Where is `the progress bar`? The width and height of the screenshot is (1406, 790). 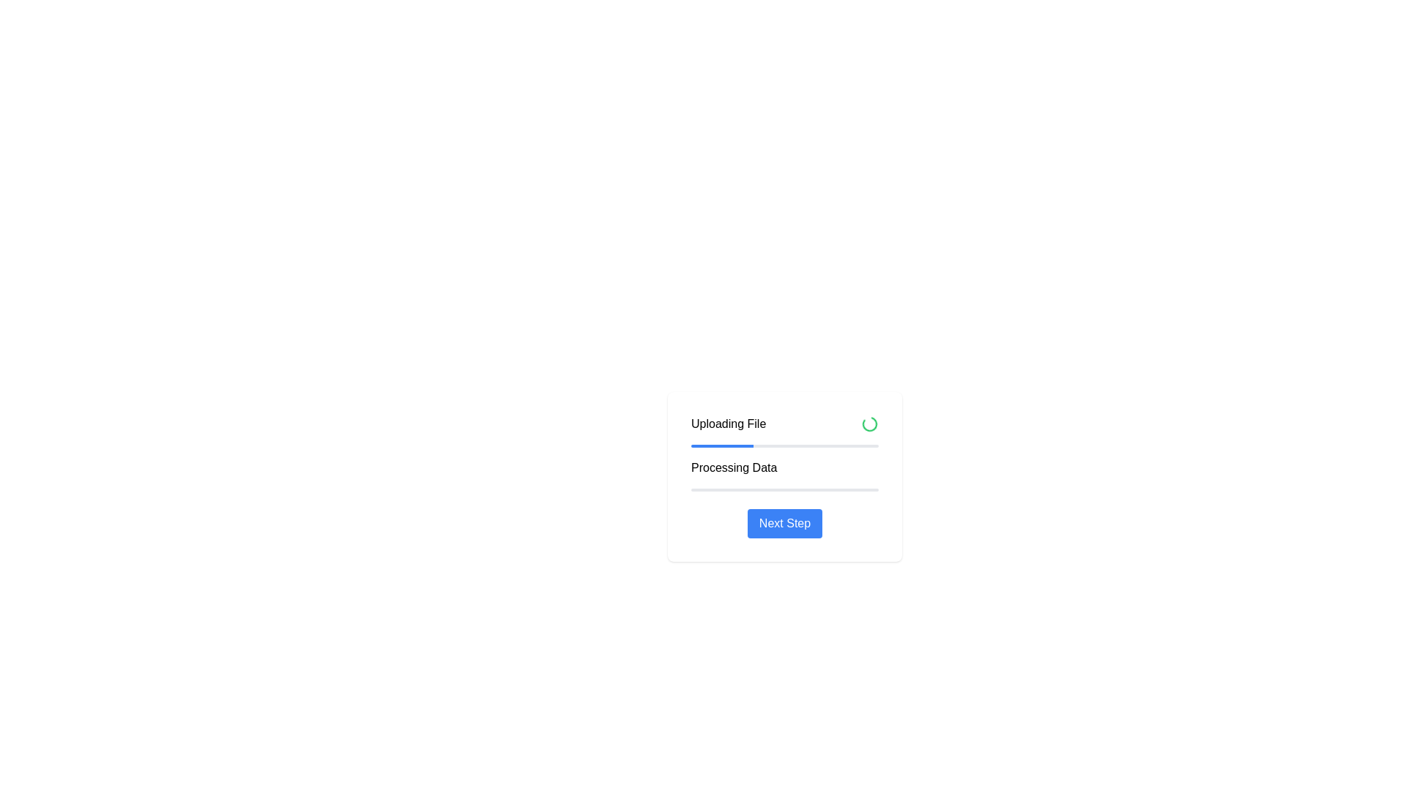
the progress bar is located at coordinates (722, 445).